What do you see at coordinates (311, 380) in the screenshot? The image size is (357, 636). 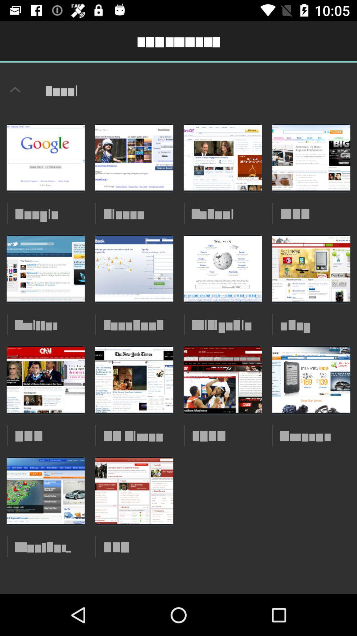 I see `the third image from the top right corner of the web page` at bounding box center [311, 380].